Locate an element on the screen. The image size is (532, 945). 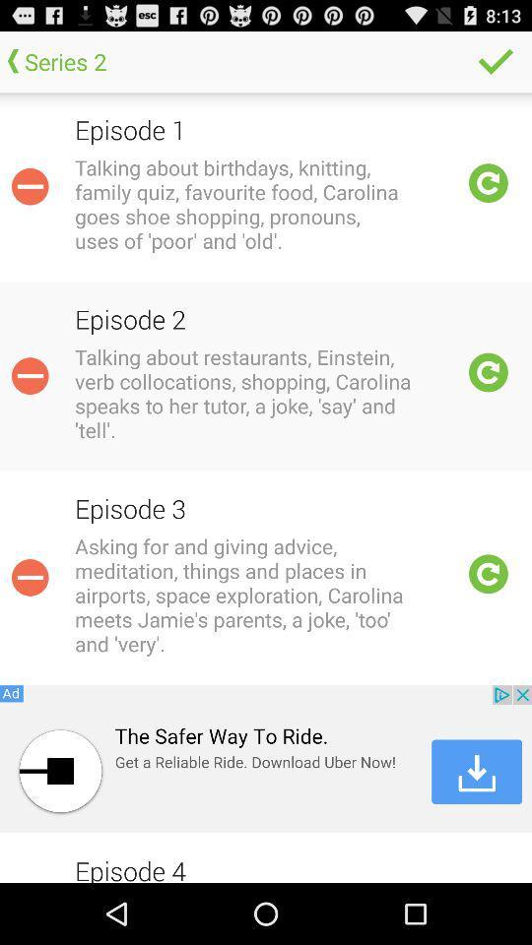
remove button is located at coordinates (29, 577).